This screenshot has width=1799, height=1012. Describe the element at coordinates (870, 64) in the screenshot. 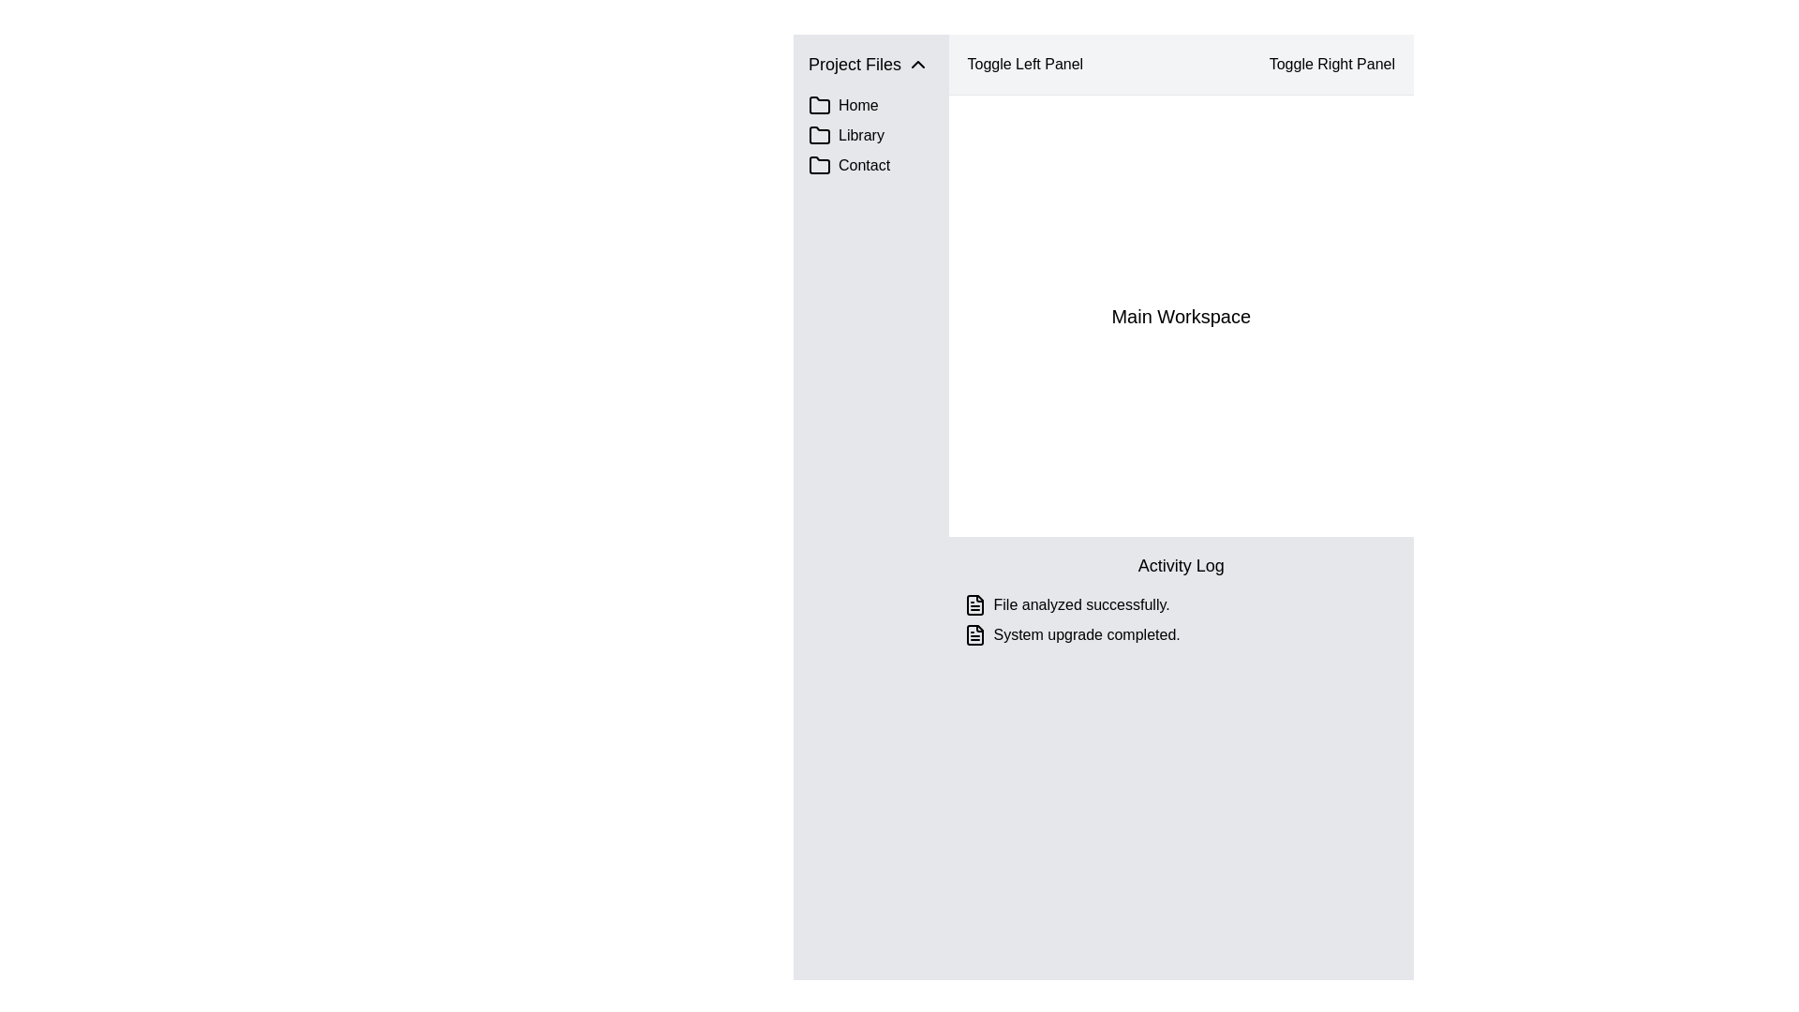

I see `the 'Project Files' Collapsible Section Header` at that location.